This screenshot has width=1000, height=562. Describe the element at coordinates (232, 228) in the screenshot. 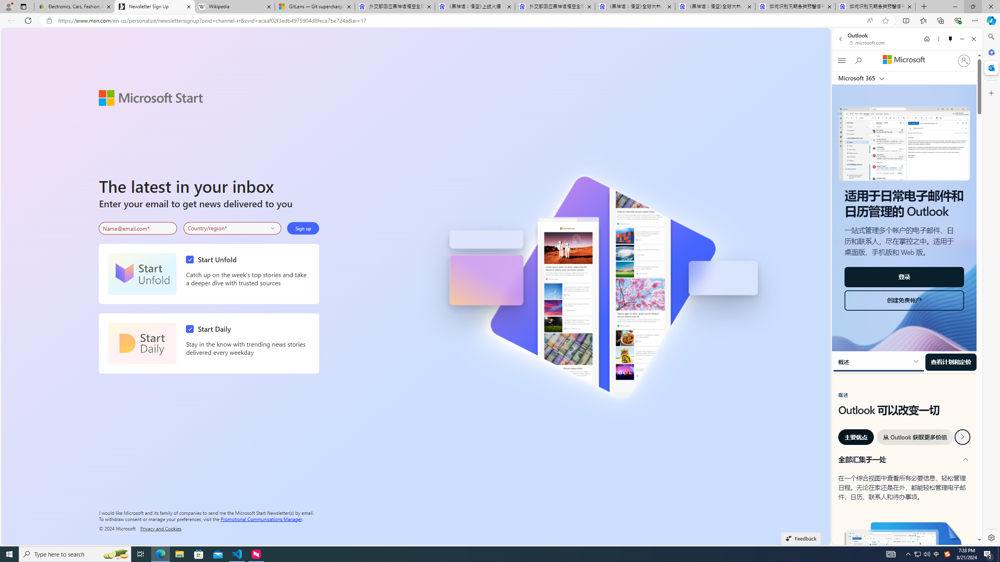

I see `'Select your country'` at that location.